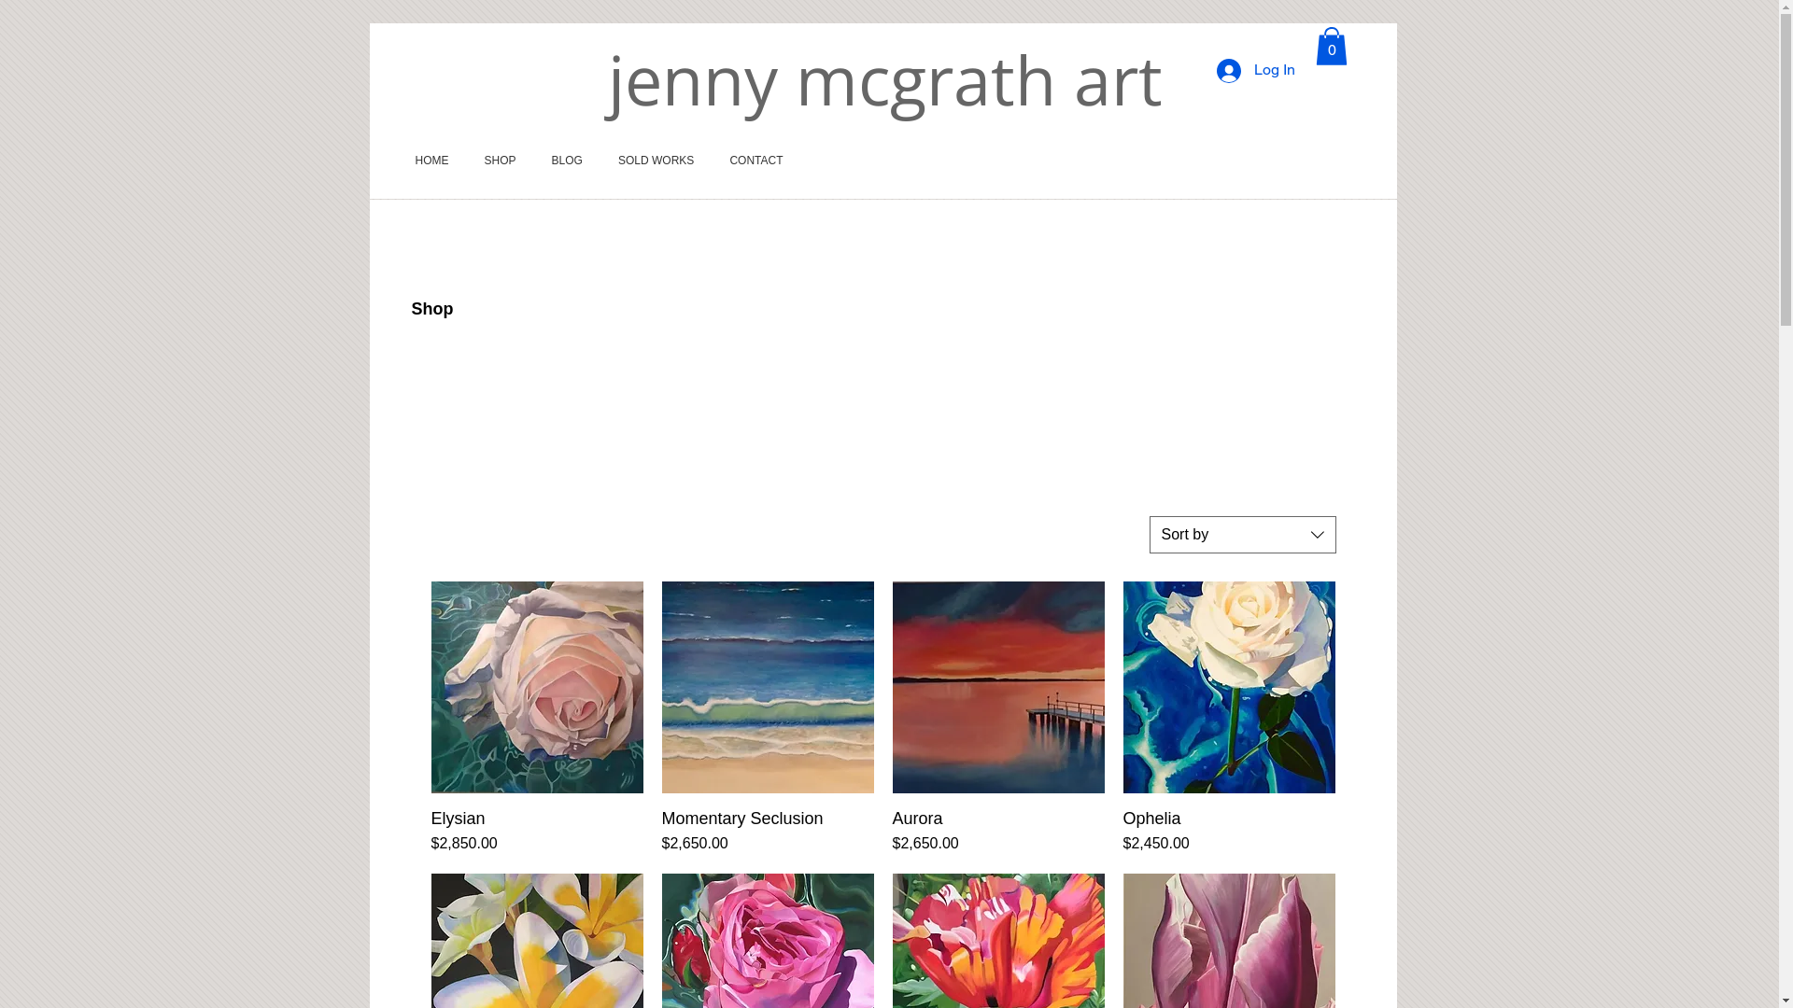  I want to click on 'Sort by', so click(1241, 535).